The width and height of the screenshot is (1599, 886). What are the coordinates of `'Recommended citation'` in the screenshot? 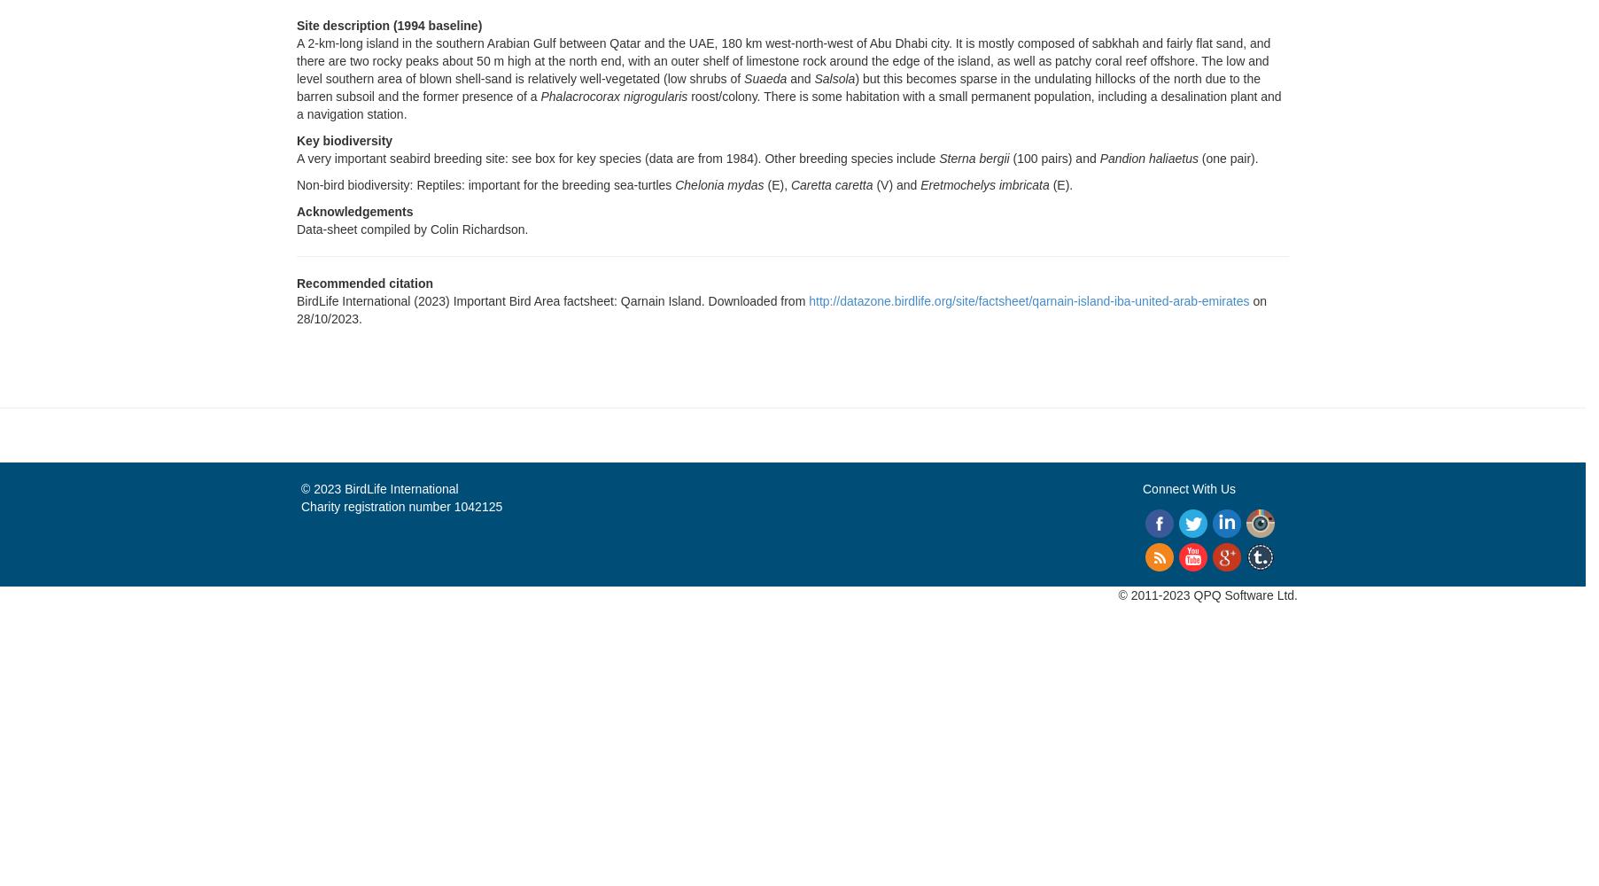 It's located at (365, 283).